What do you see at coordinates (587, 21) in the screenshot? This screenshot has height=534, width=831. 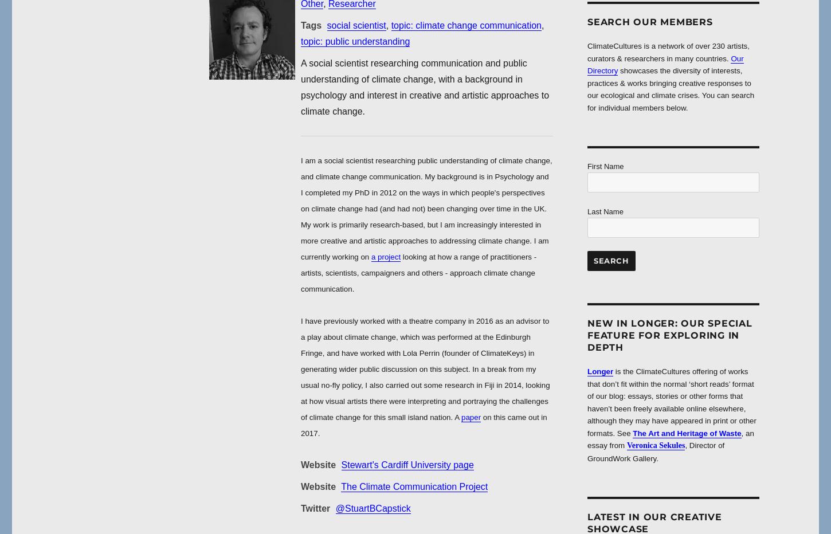 I see `'Search our members'` at bounding box center [587, 21].